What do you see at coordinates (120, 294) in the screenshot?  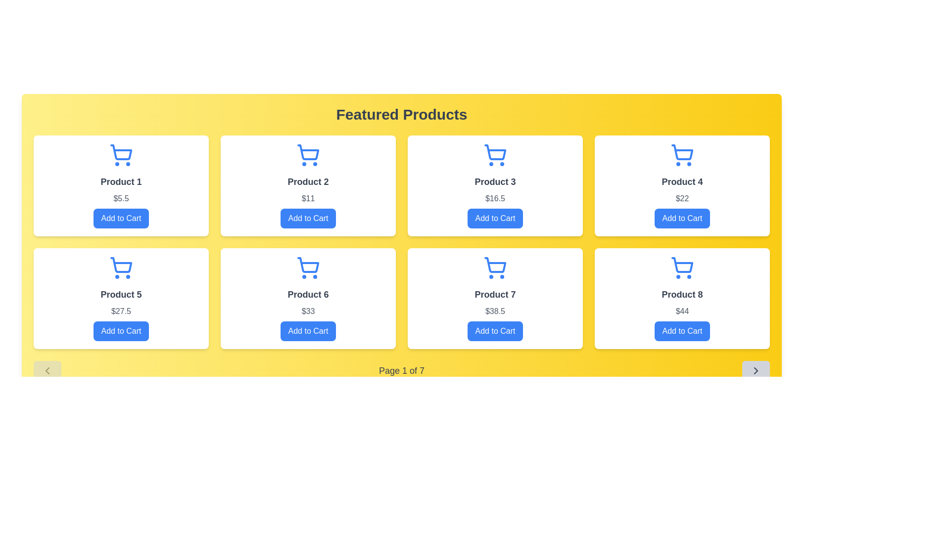 I see `the bold, centered text label 'Product 5' which is positioned below the product icon and above the price label within its card in the second row, first column of the product grid layout` at bounding box center [120, 294].